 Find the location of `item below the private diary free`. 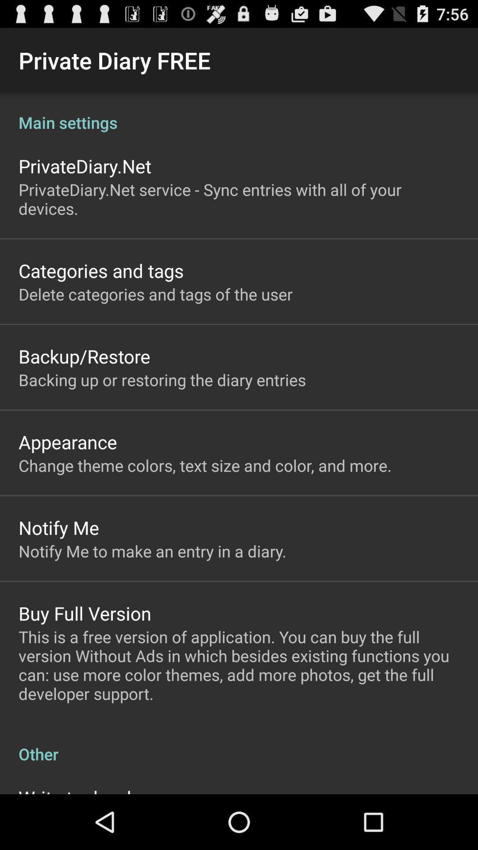

item below the private diary free is located at coordinates (239, 112).